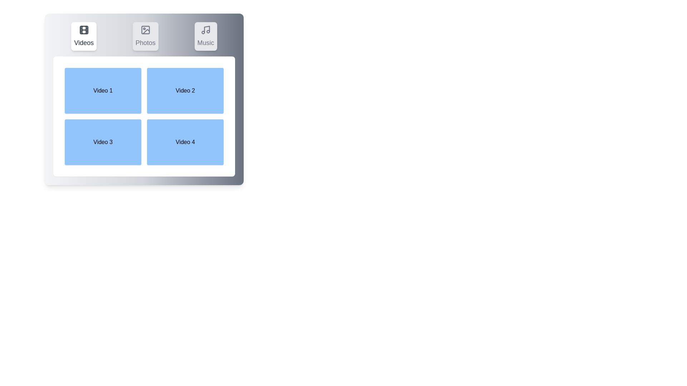 This screenshot has width=687, height=386. Describe the element at coordinates (185, 90) in the screenshot. I see `the Video 2 Box to observe the hover effect` at that location.